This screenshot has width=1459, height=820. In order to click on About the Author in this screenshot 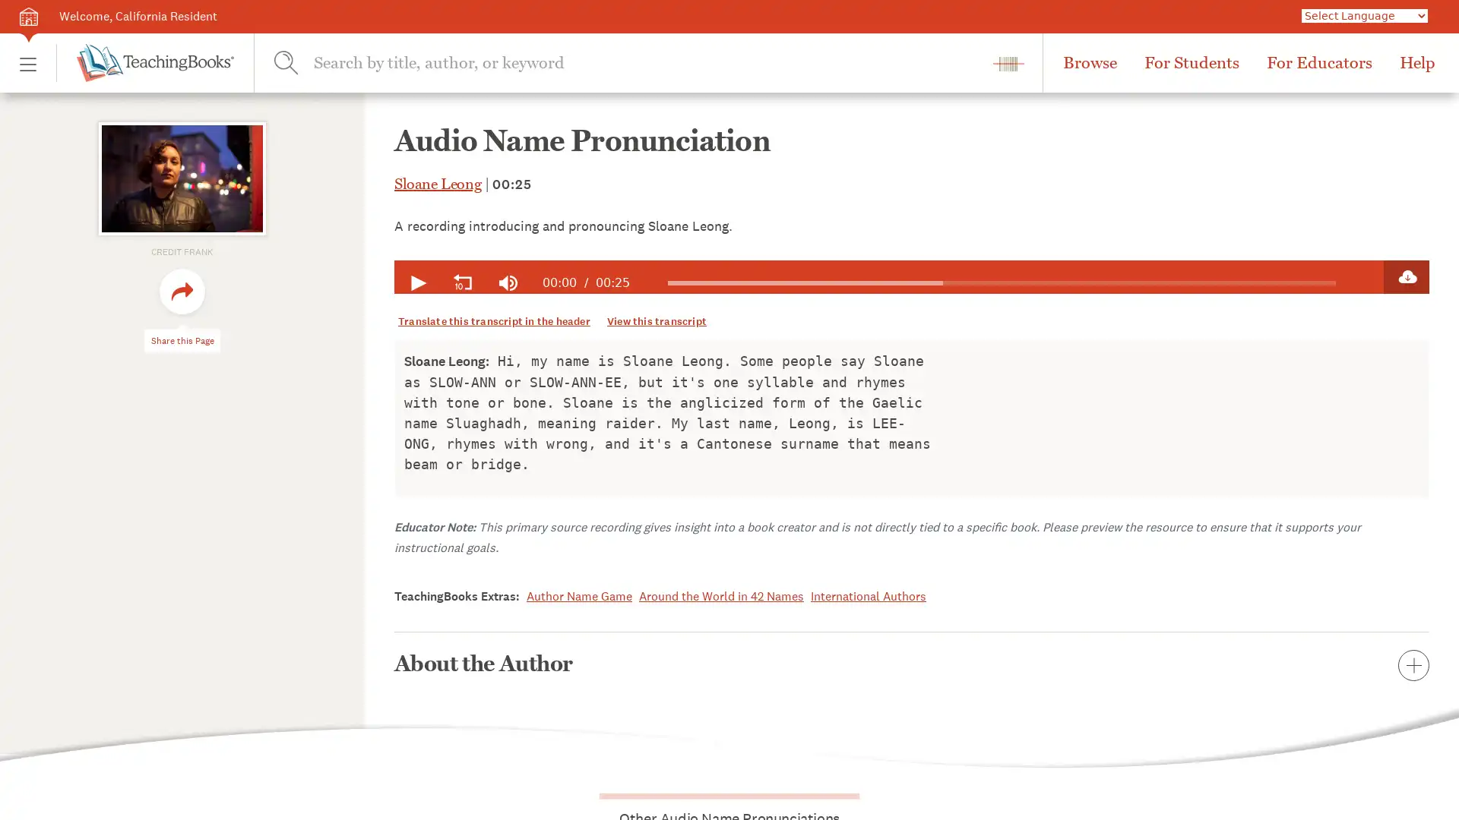, I will do `click(912, 663)`.